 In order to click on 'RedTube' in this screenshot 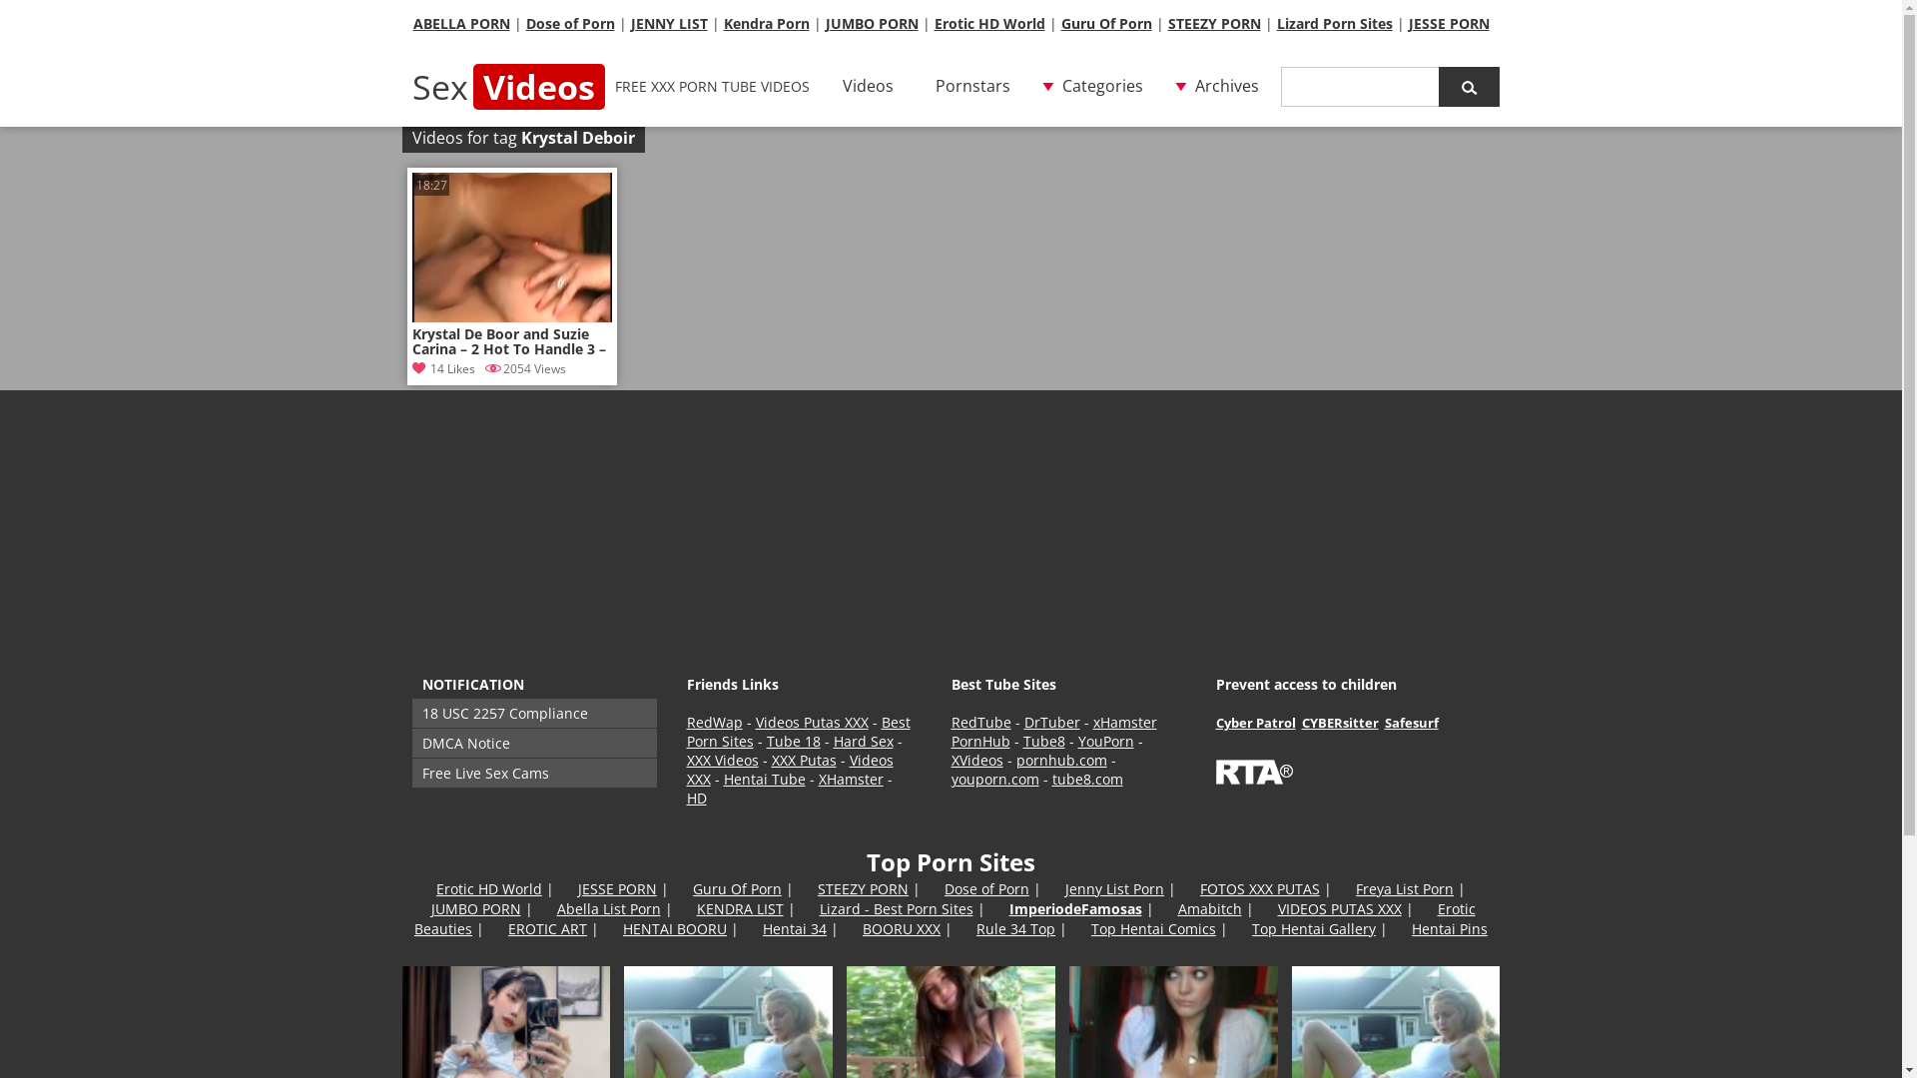, I will do `click(980, 722)`.